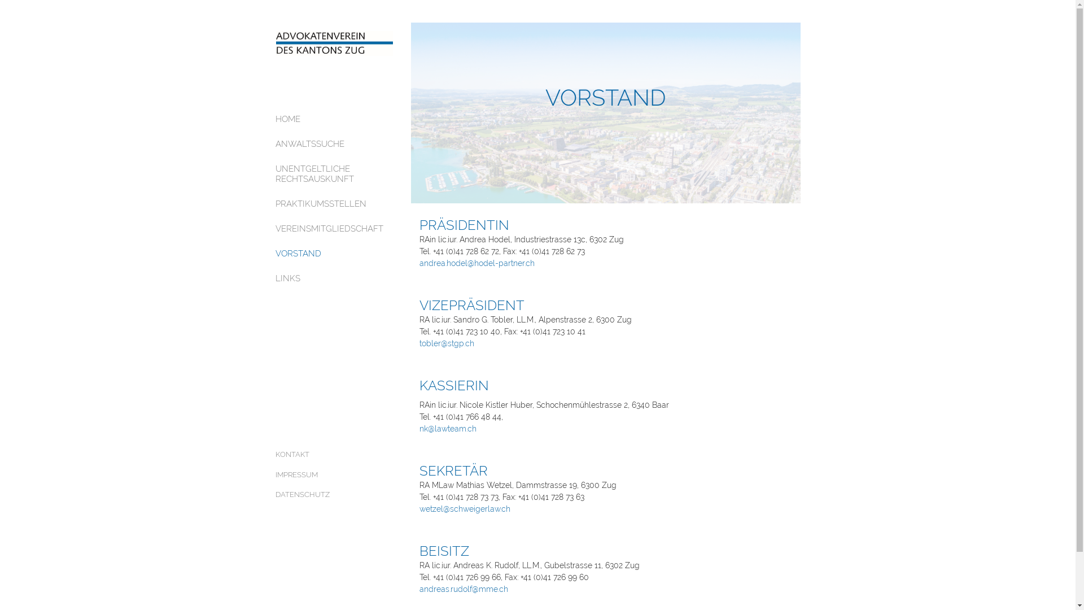 The width and height of the screenshot is (1084, 610). I want to click on 'HOME', so click(276, 119).